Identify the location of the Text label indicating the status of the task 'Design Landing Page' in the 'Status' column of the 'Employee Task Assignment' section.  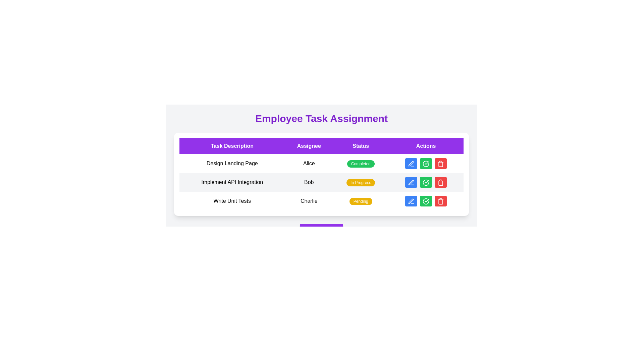
(360, 164).